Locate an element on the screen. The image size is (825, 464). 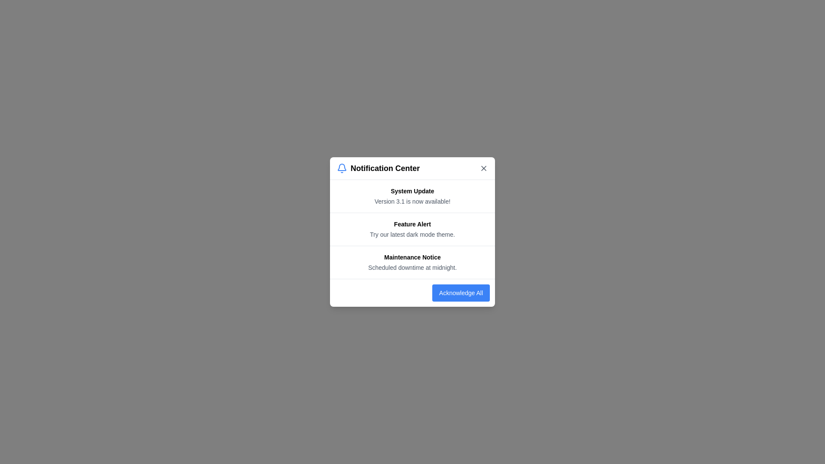
'Acknowledge All' button to acknowledge all notifications is located at coordinates (461, 293).